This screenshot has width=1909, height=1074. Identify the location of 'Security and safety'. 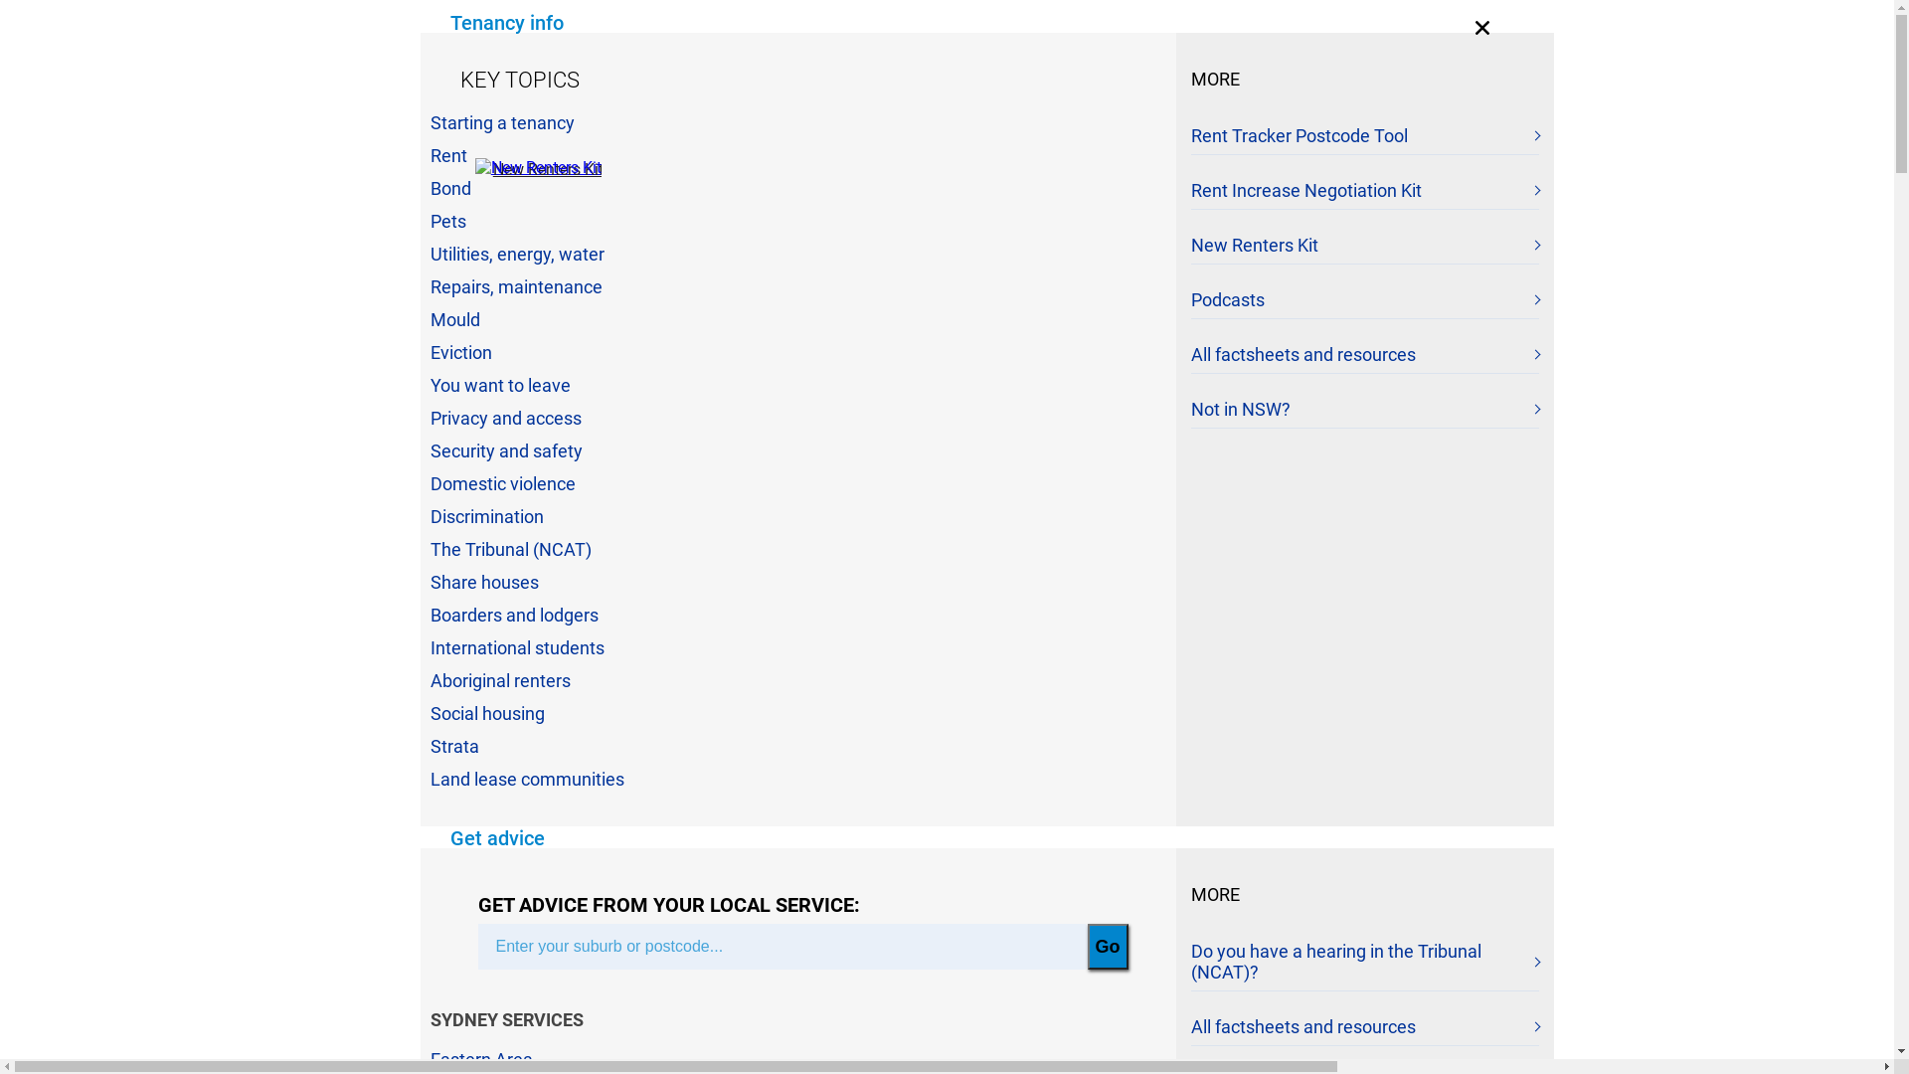
(429, 450).